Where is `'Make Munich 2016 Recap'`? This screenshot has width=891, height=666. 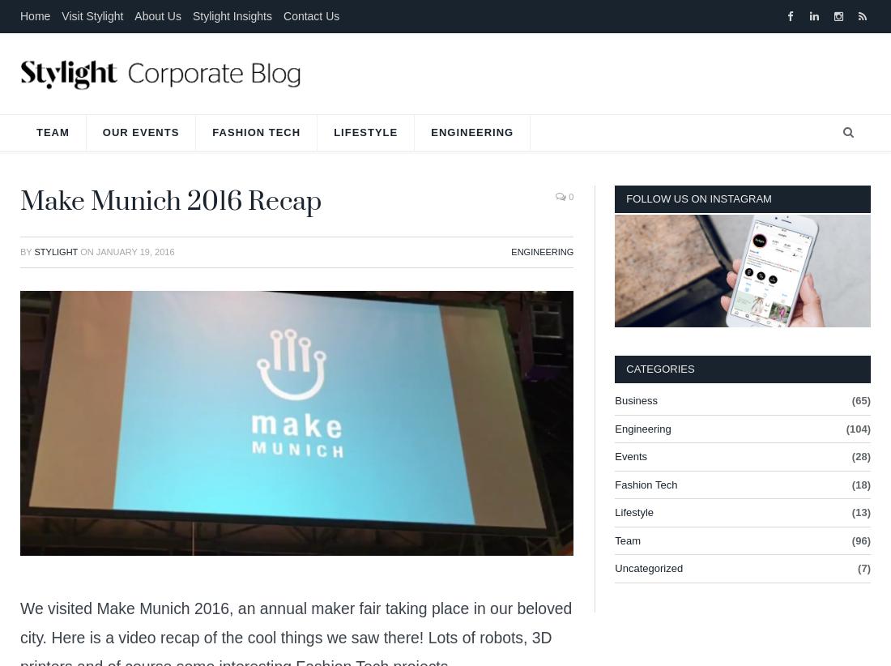
'Make Munich 2016 Recap' is located at coordinates (170, 201).